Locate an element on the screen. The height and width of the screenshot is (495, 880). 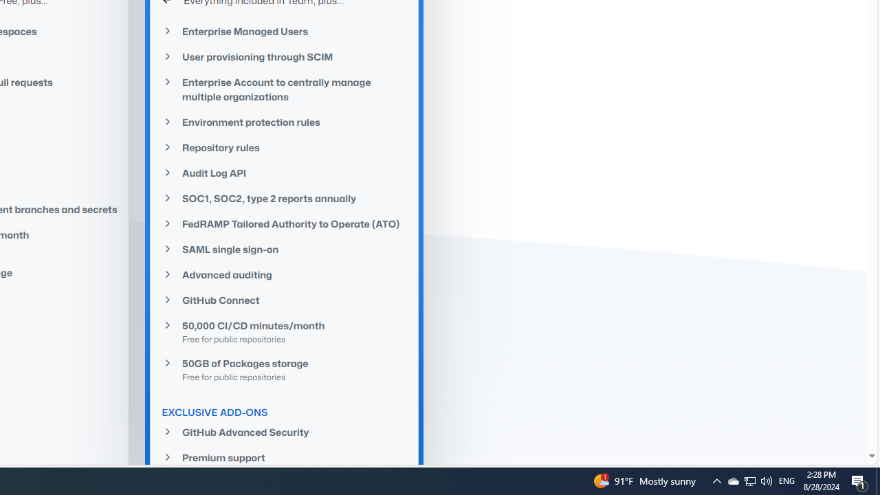
'Audit Log API' is located at coordinates (284, 172).